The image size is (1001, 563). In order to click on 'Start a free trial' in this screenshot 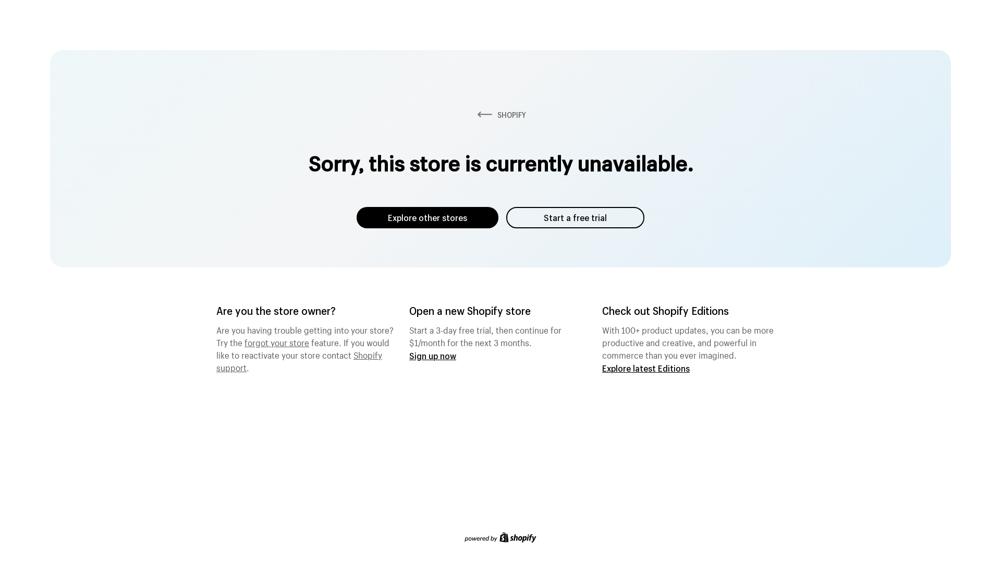, I will do `click(575, 217)`.